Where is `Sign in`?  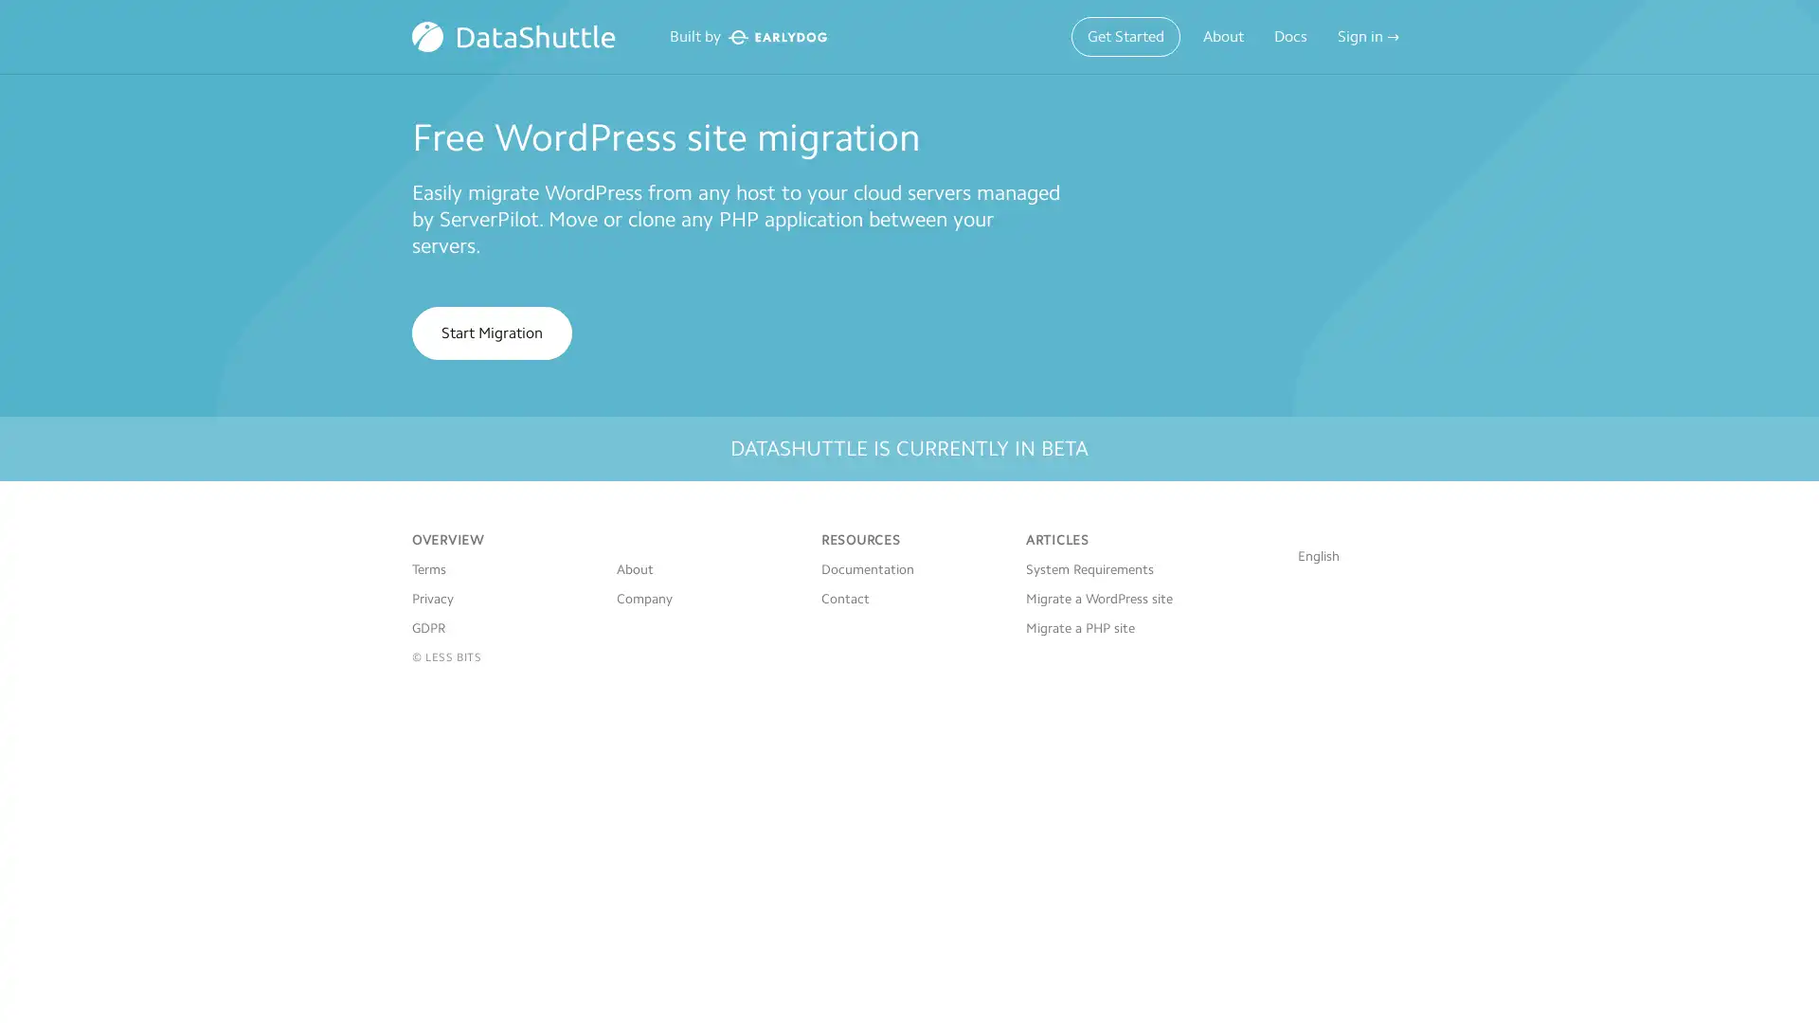
Sign in is located at coordinates (1368, 36).